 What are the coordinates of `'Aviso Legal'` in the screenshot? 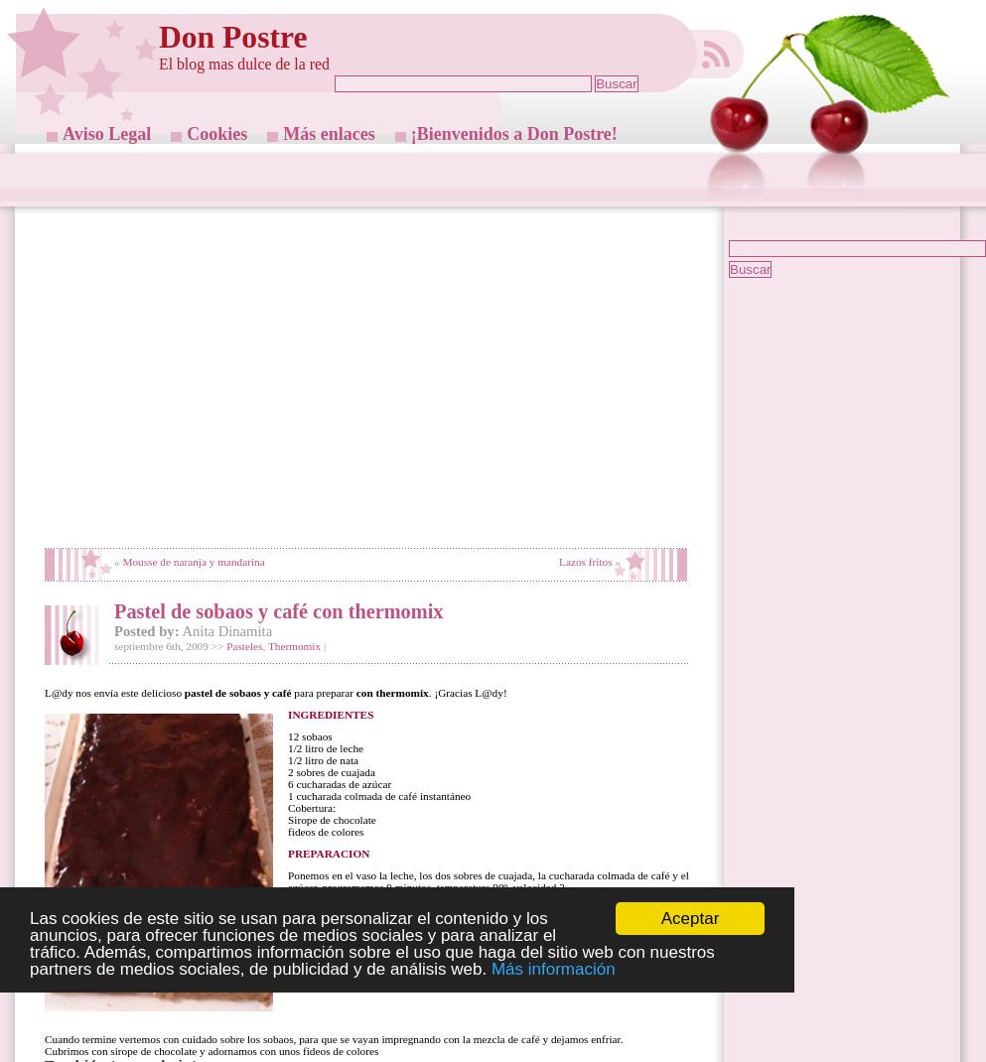 It's located at (105, 134).